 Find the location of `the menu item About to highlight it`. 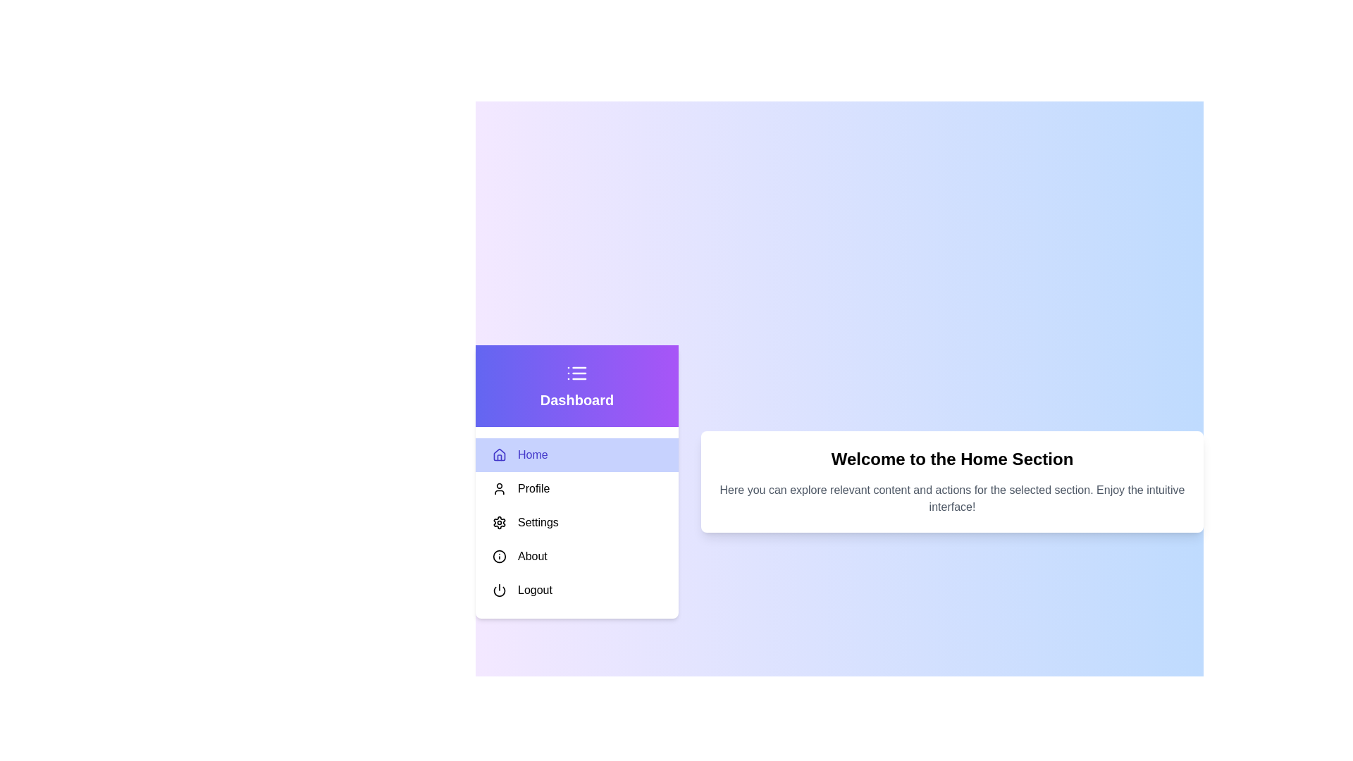

the menu item About to highlight it is located at coordinates (577, 556).